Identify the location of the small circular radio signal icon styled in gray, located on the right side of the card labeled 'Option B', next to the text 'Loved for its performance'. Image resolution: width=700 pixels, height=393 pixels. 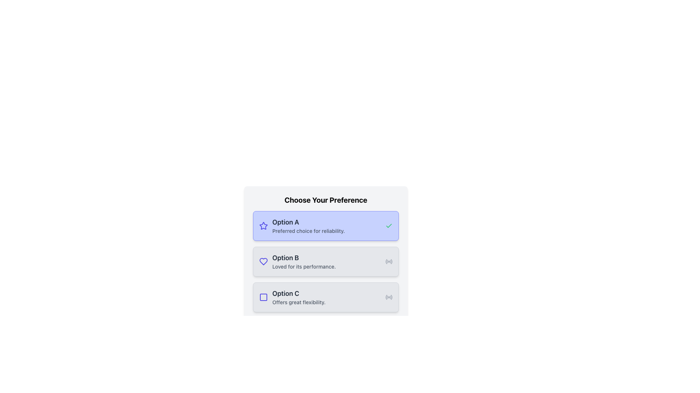
(388, 261).